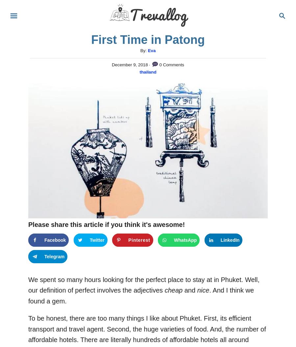  What do you see at coordinates (144, 50) in the screenshot?
I see `'By:'` at bounding box center [144, 50].